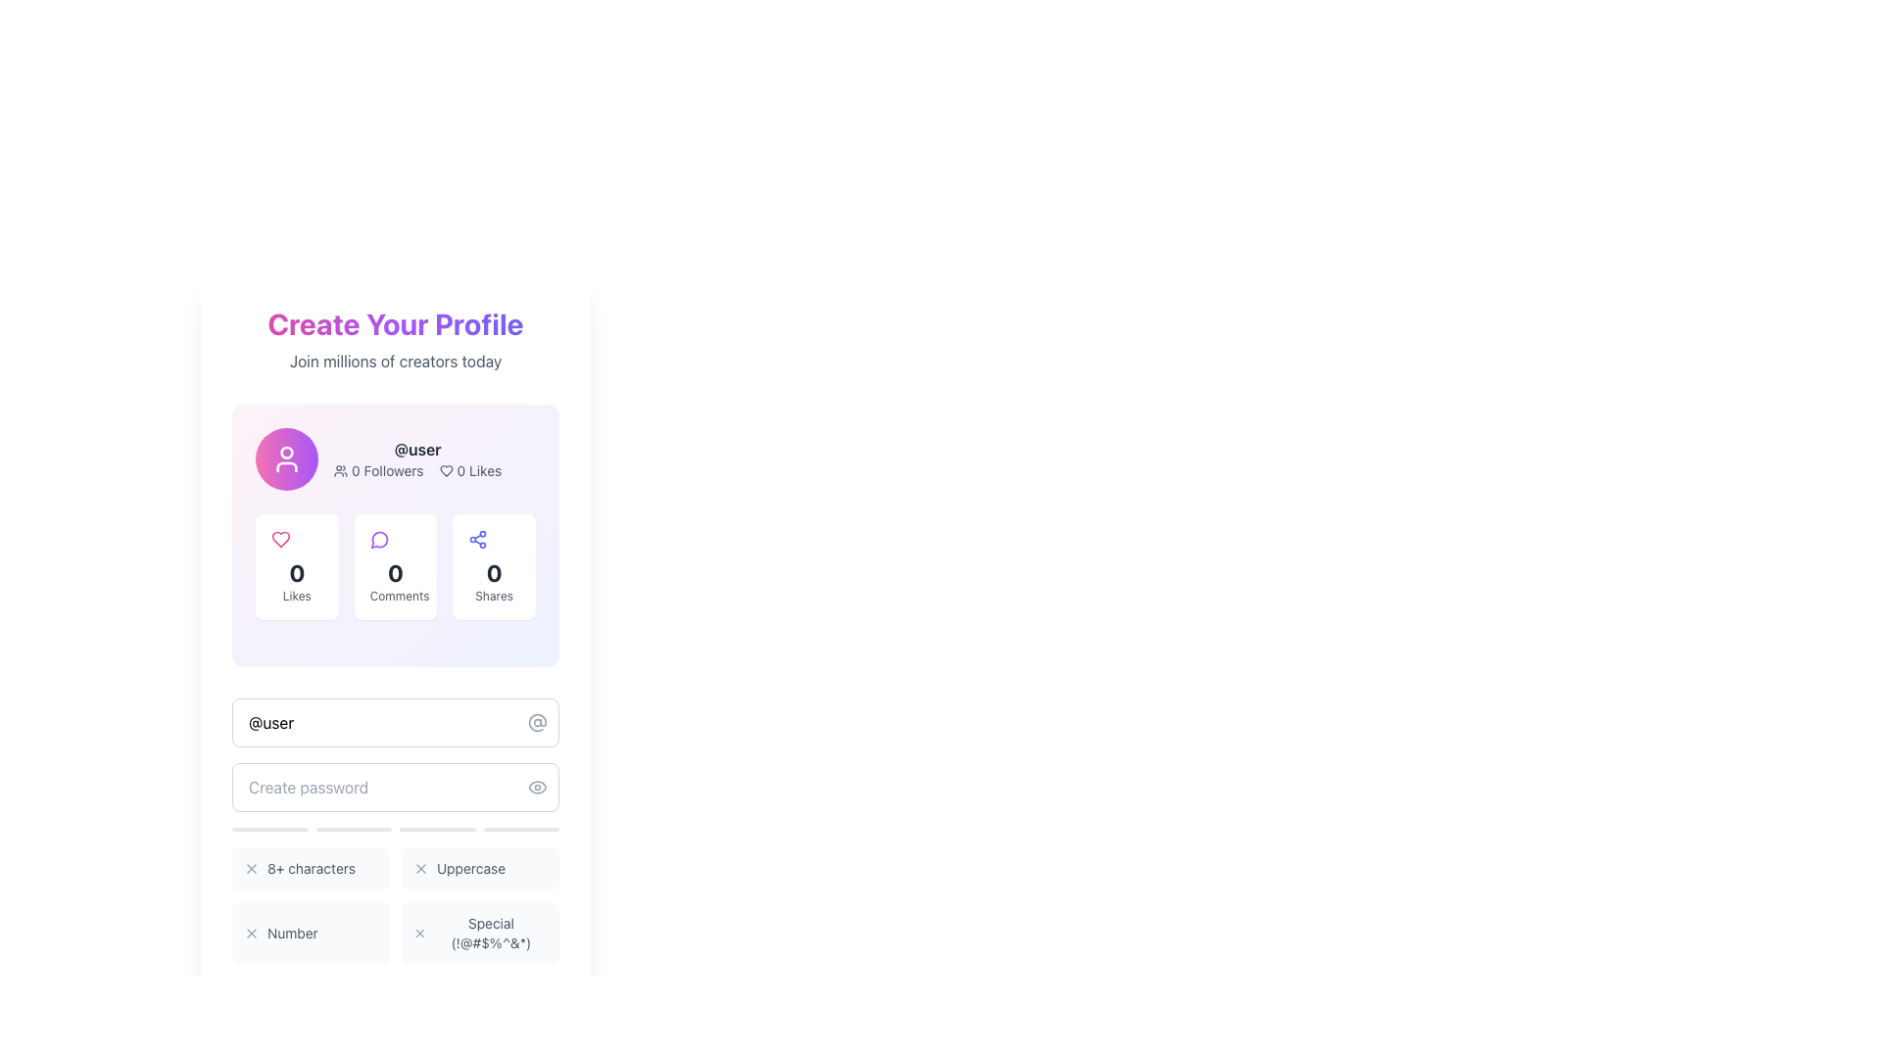 Image resolution: width=1881 pixels, height=1058 pixels. I want to click on the '@' symbol icon, which is styled with a gray tone and located at the far-right inside the input box with the placeholder text 'Choose username', so click(537, 722).